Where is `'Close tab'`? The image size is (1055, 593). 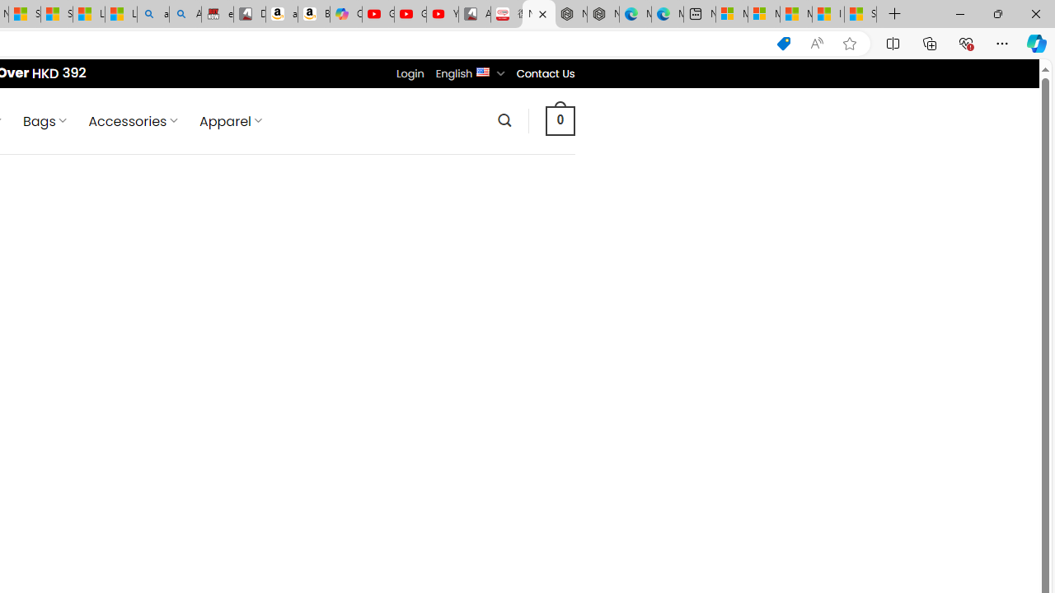 'Close tab' is located at coordinates (542, 14).